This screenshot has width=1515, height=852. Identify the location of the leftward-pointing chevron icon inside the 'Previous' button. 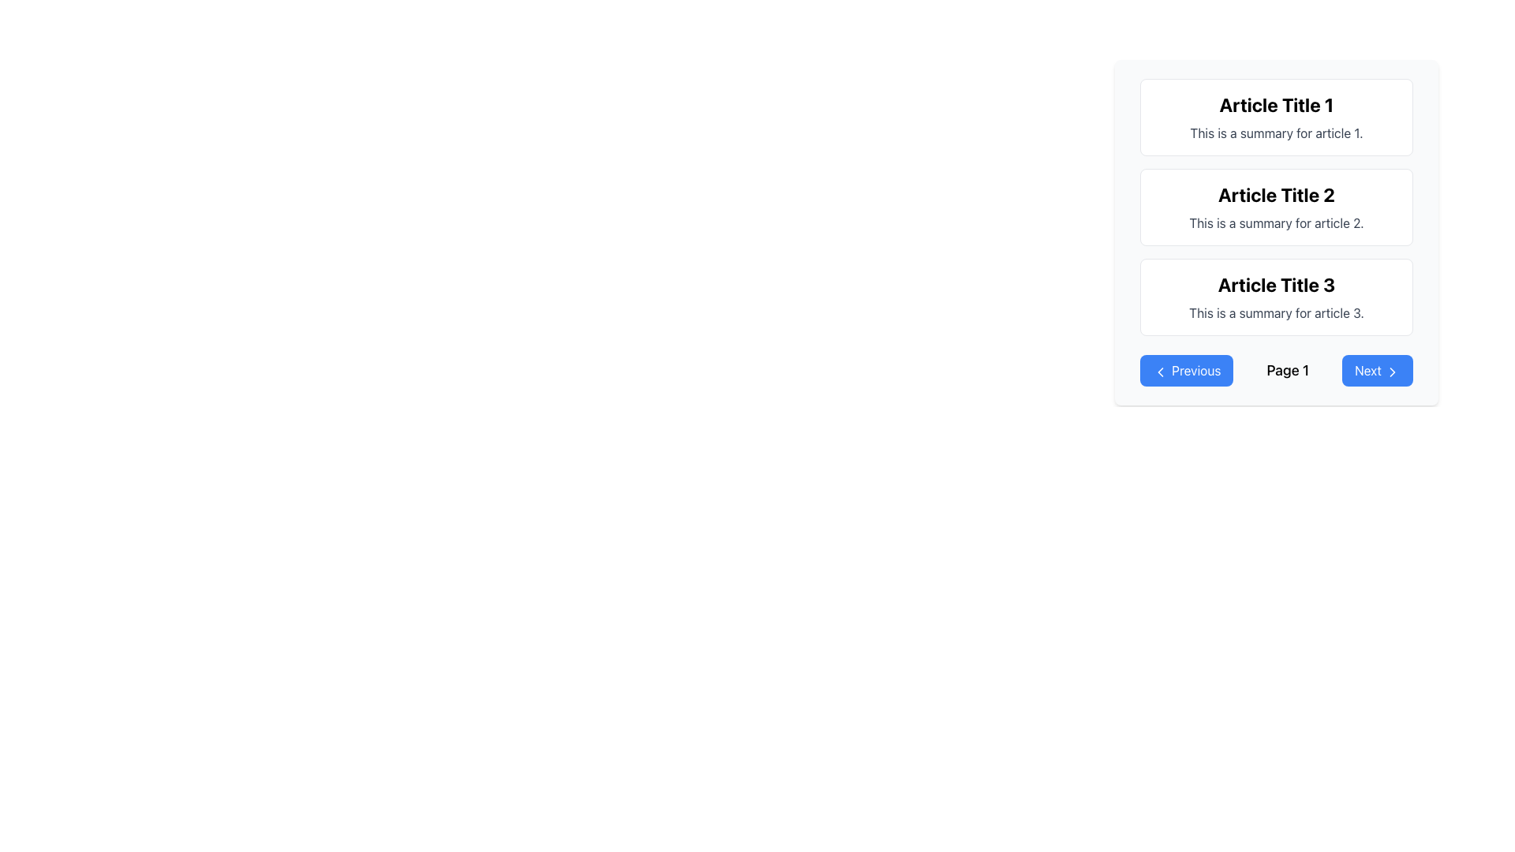
(1160, 371).